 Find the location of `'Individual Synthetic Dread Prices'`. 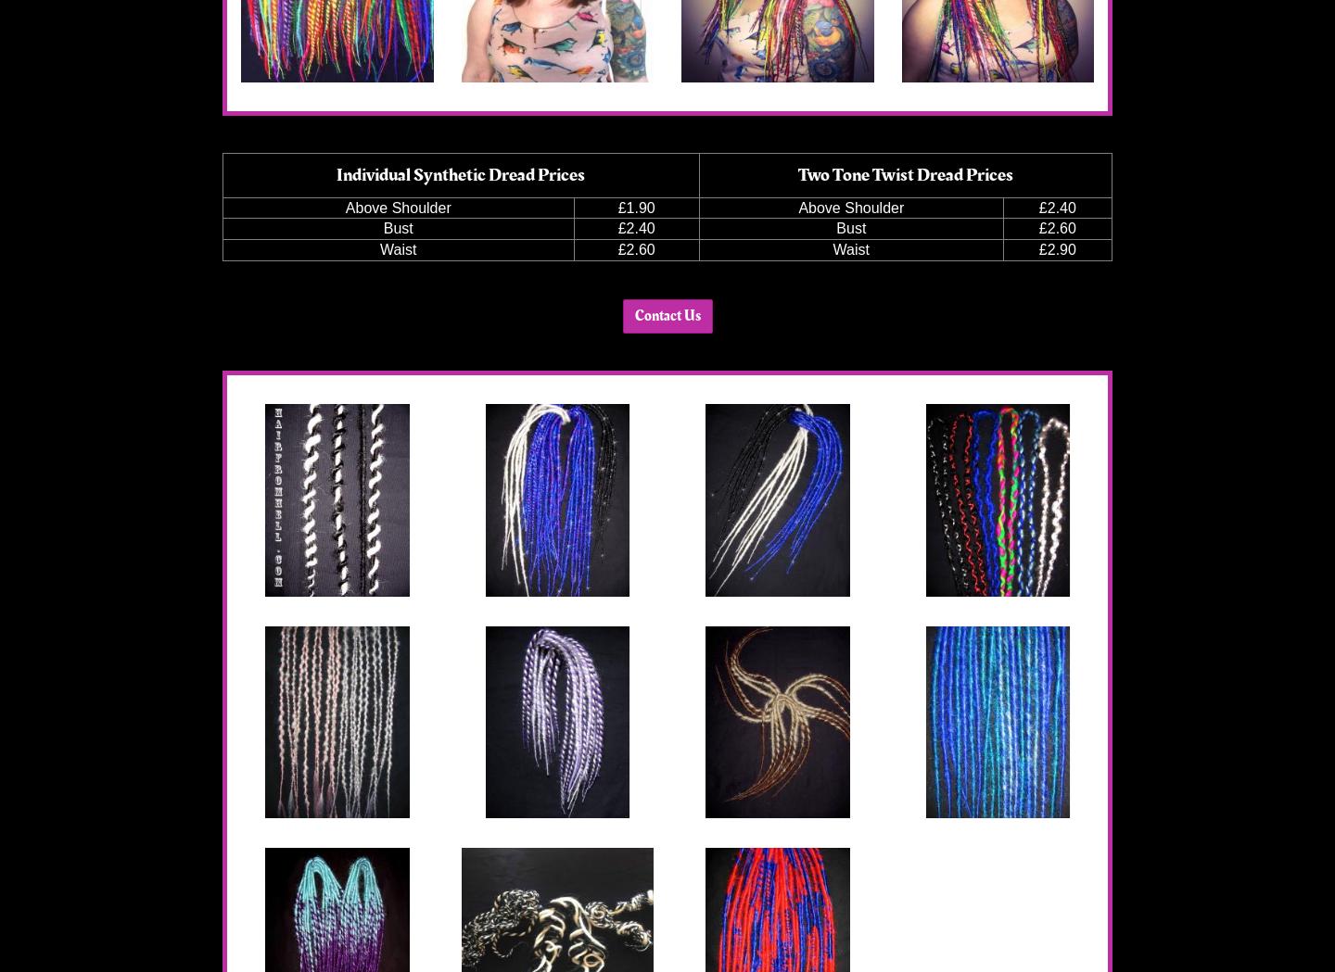

'Individual Synthetic Dread Prices' is located at coordinates (459, 172).